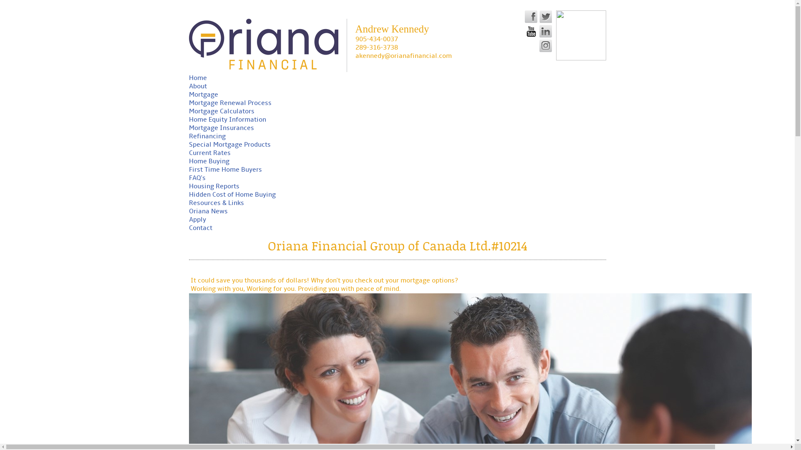  What do you see at coordinates (188, 203) in the screenshot?
I see `'Resources & Links'` at bounding box center [188, 203].